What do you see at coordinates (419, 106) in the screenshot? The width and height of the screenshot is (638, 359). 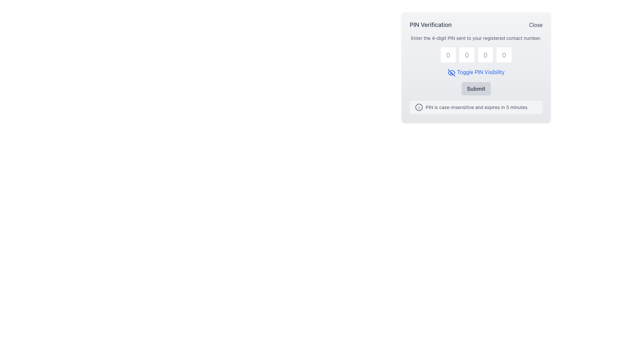 I see `the circle SVG graphical element located in the PIN verification dialog interface` at bounding box center [419, 106].